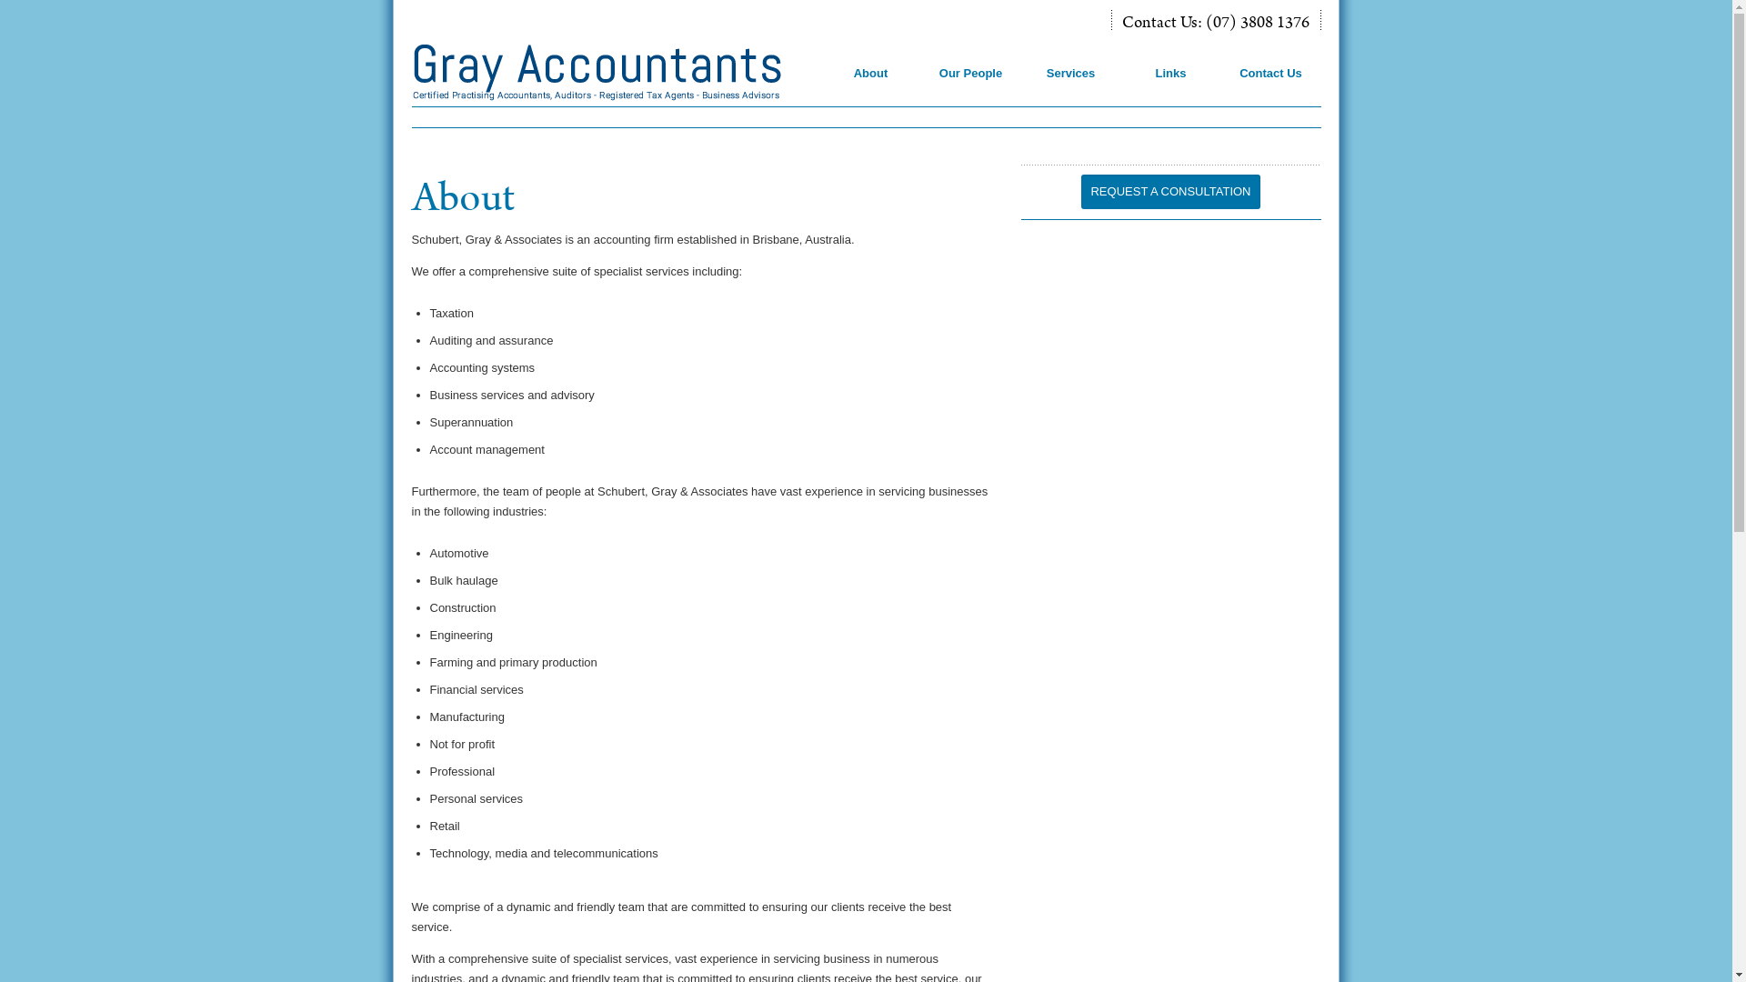 The height and width of the screenshot is (982, 1746). Describe the element at coordinates (1072, 86) in the screenshot. I see `'Services'` at that location.